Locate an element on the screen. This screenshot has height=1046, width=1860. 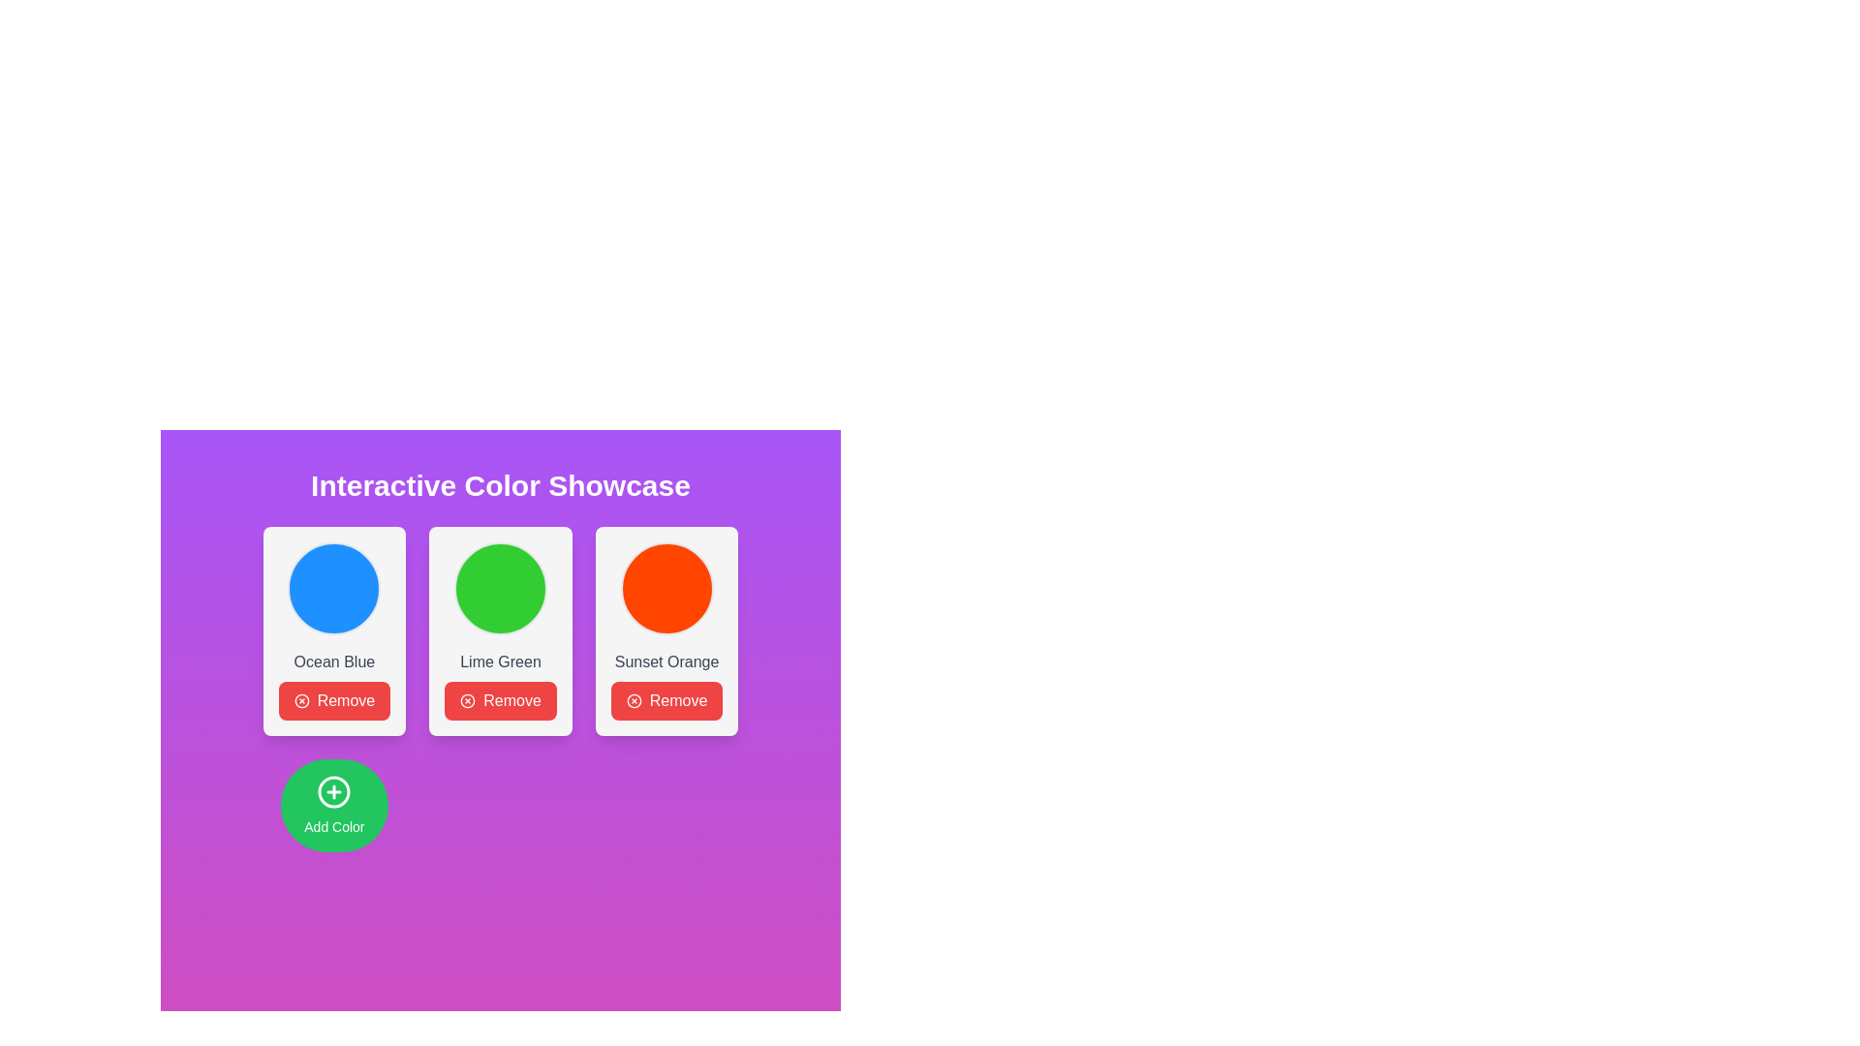
the decorative icon that enhances the 'Remove' button located within the 'Sunset Orange' card is located at coordinates (634, 701).